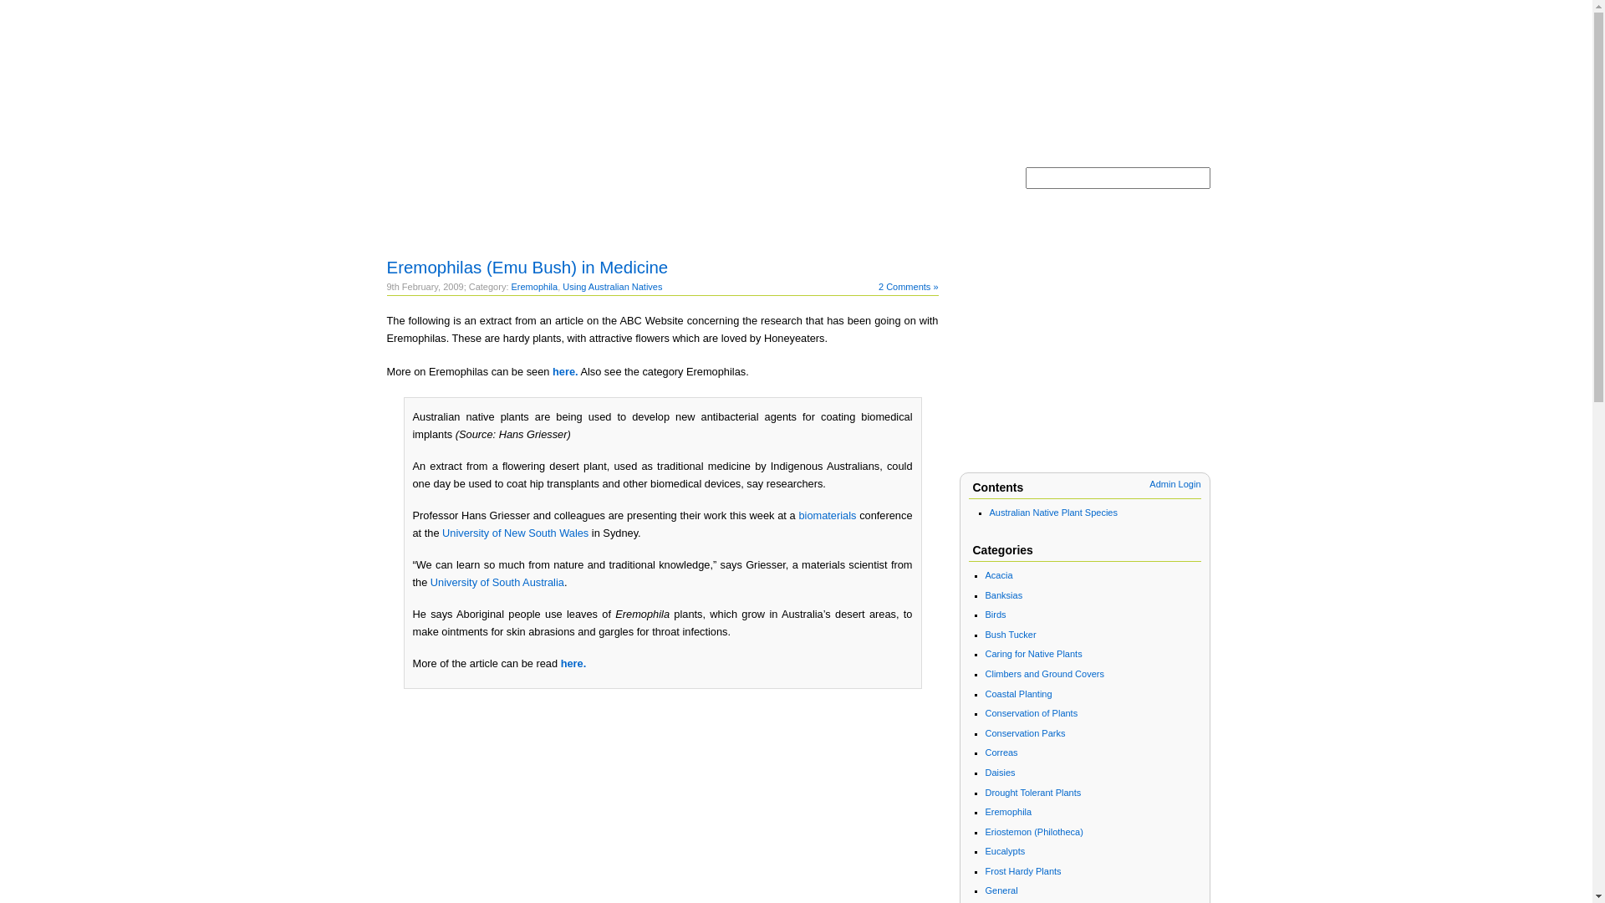  What do you see at coordinates (1022, 870) in the screenshot?
I see `'Frost Hardy Plants'` at bounding box center [1022, 870].